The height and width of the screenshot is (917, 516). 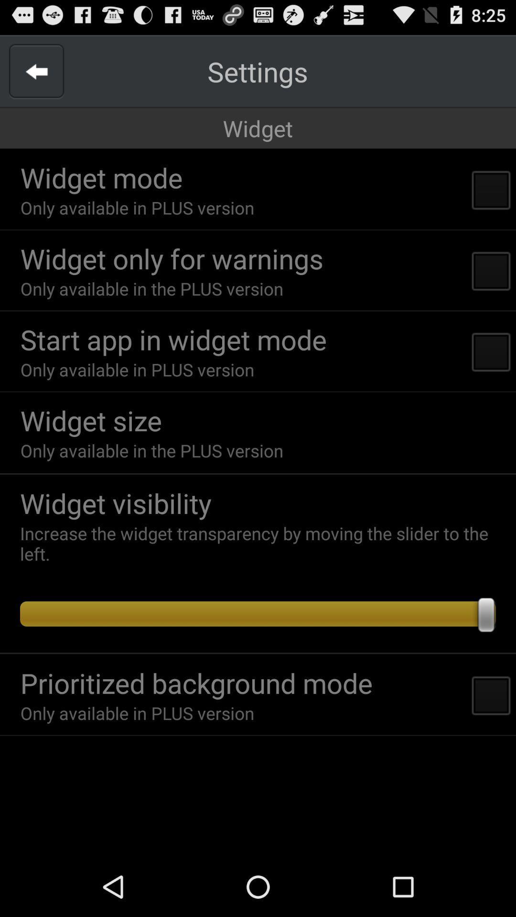 I want to click on prioritized background mode item, so click(x=196, y=682).